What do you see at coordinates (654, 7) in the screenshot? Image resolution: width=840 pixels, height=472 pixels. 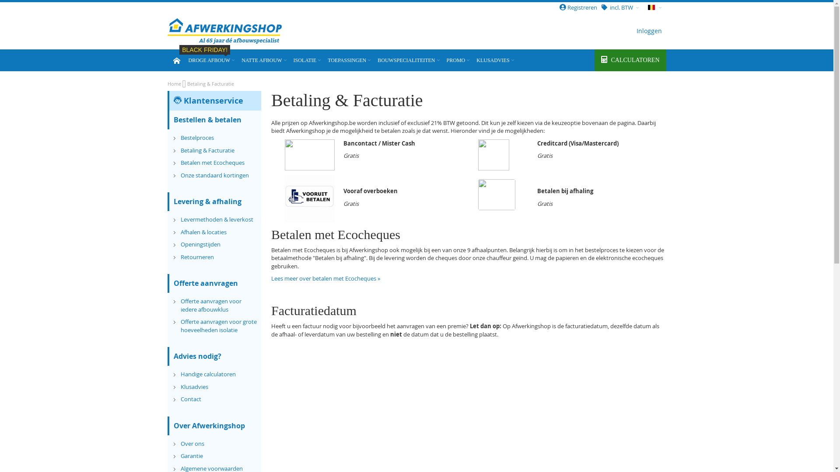 I see `'Taal'` at bounding box center [654, 7].